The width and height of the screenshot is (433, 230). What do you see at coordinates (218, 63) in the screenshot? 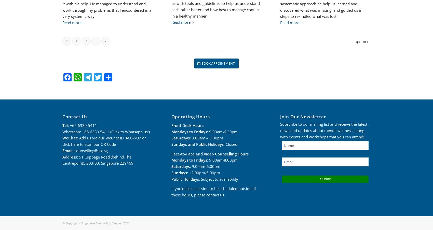
I see `'BOOK APPOINTMENT'` at bounding box center [218, 63].